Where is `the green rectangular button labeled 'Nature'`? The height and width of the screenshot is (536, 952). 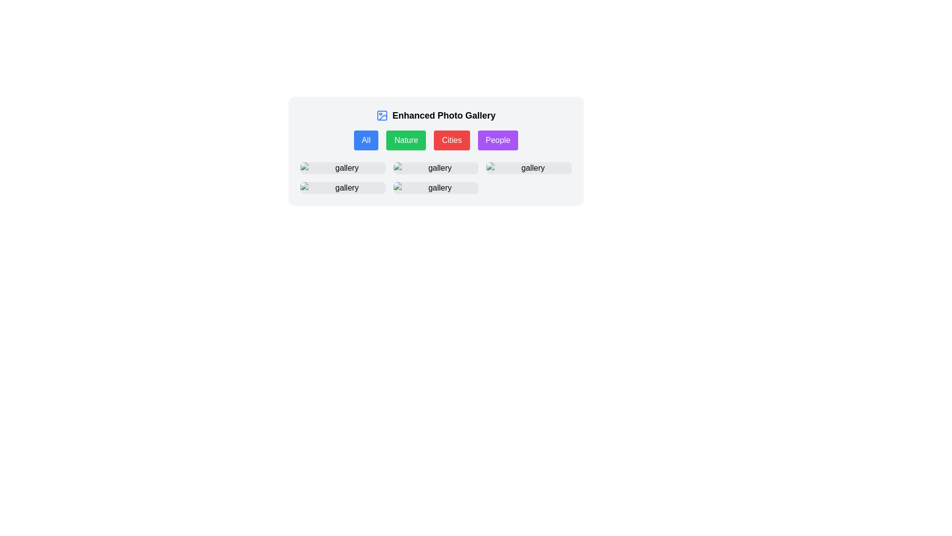
the green rectangular button labeled 'Nature' is located at coordinates (406, 140).